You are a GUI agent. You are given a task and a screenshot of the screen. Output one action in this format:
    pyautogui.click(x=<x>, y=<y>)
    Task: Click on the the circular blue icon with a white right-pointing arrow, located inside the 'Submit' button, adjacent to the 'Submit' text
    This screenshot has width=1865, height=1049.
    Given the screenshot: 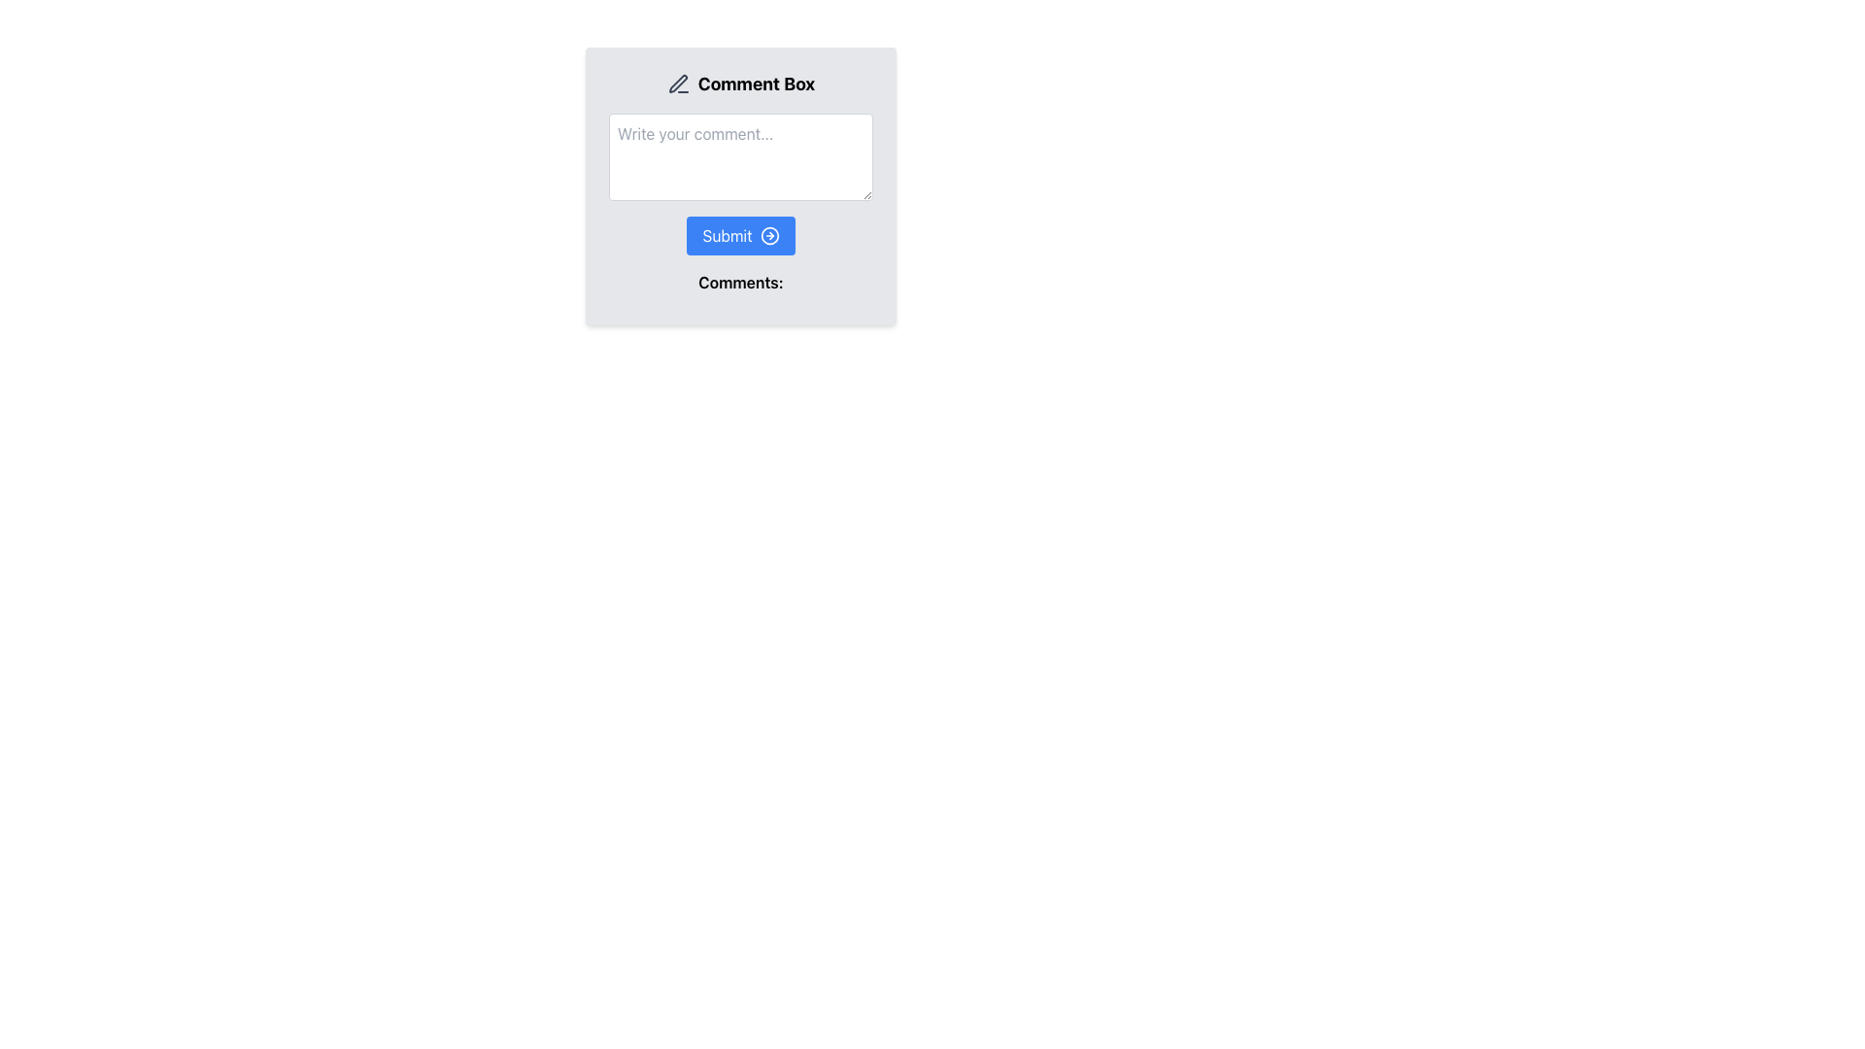 What is the action you would take?
    pyautogui.click(x=768, y=235)
    